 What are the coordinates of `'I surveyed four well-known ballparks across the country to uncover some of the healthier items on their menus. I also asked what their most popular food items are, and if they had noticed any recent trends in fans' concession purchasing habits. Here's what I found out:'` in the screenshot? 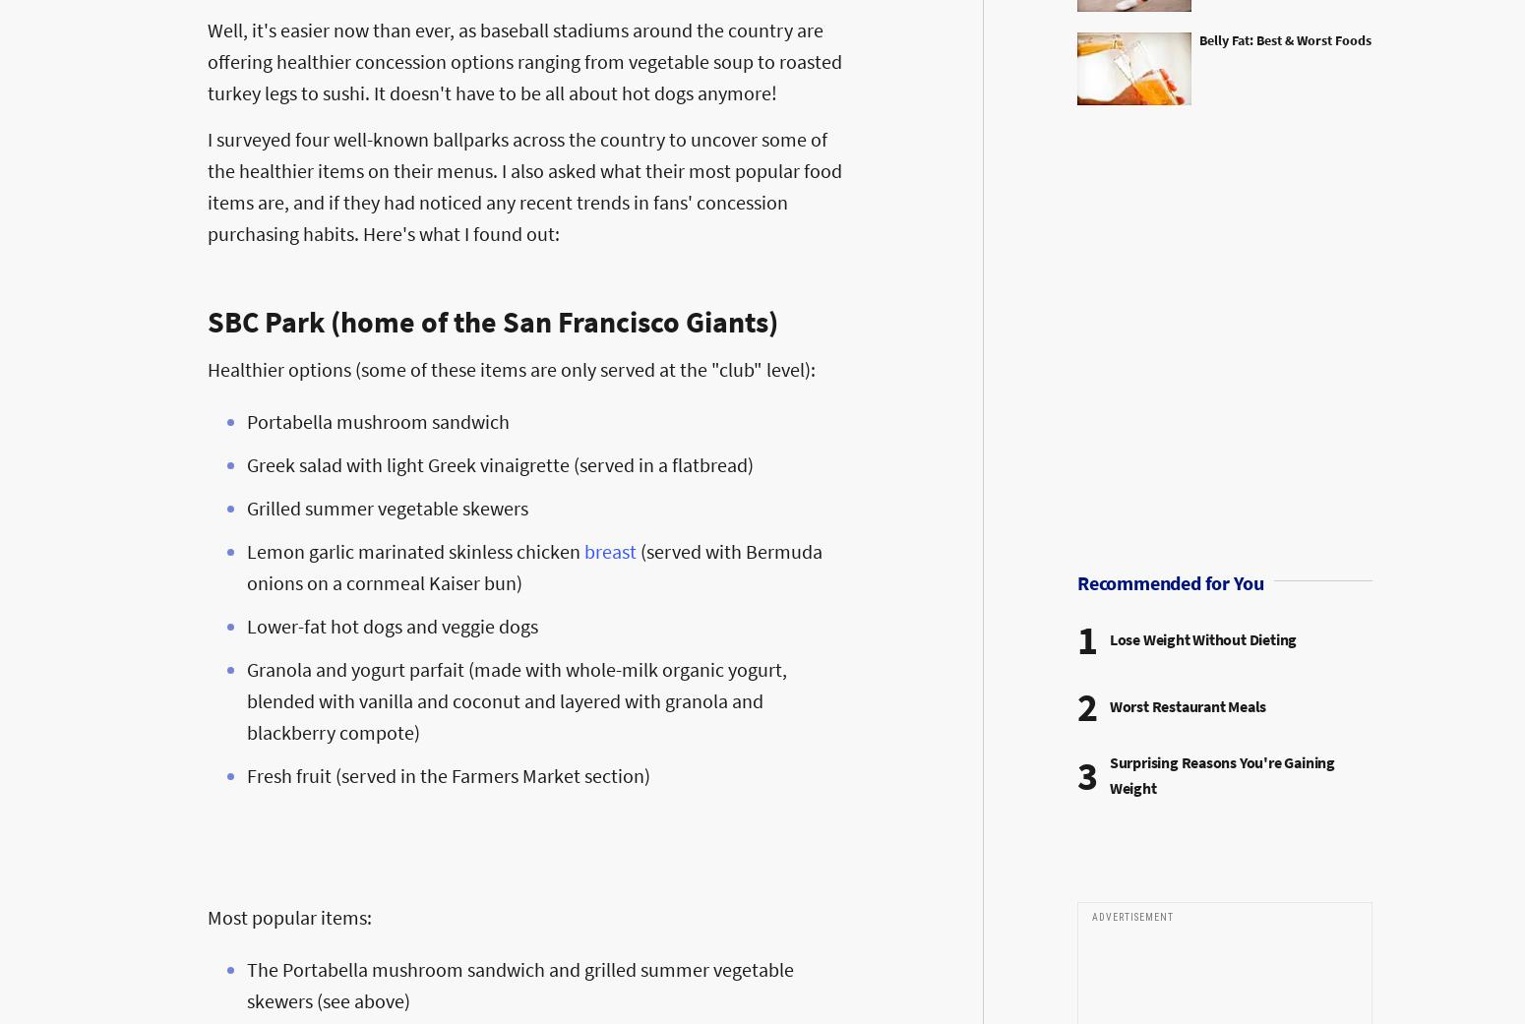 It's located at (523, 185).